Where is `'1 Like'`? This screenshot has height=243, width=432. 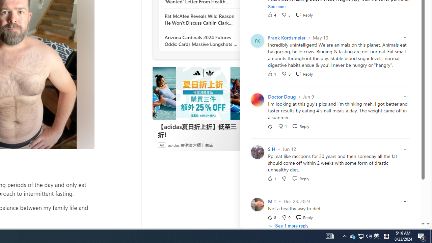 '1 Like' is located at coordinates (272, 178).